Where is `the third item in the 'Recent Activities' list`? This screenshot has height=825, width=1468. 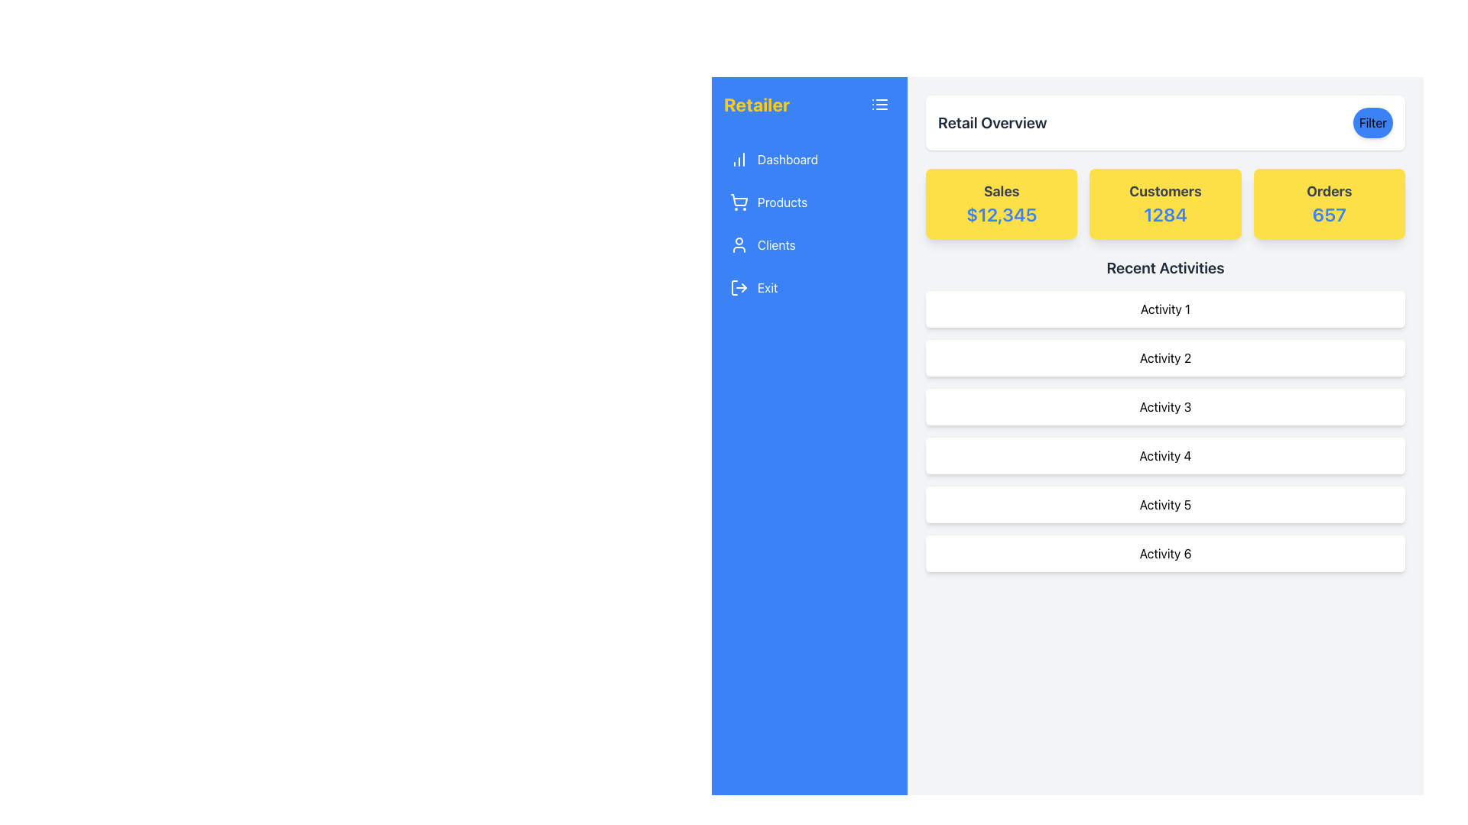 the third item in the 'Recent Activities' list is located at coordinates (1164, 406).